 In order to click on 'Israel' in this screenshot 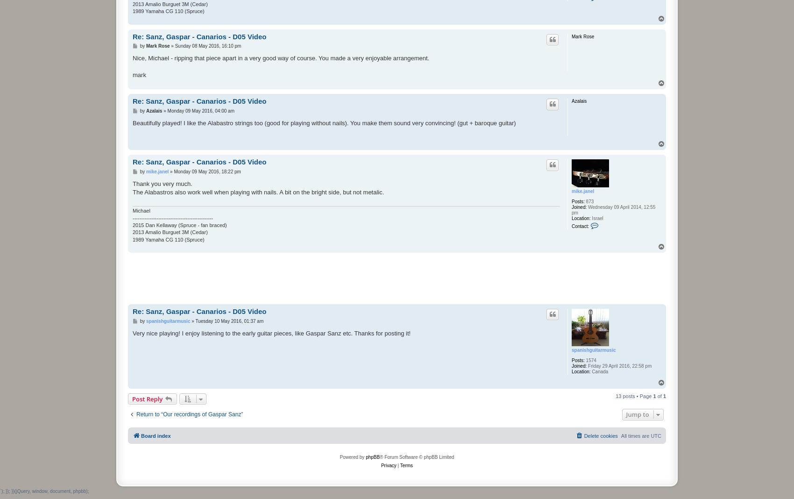, I will do `click(596, 218)`.